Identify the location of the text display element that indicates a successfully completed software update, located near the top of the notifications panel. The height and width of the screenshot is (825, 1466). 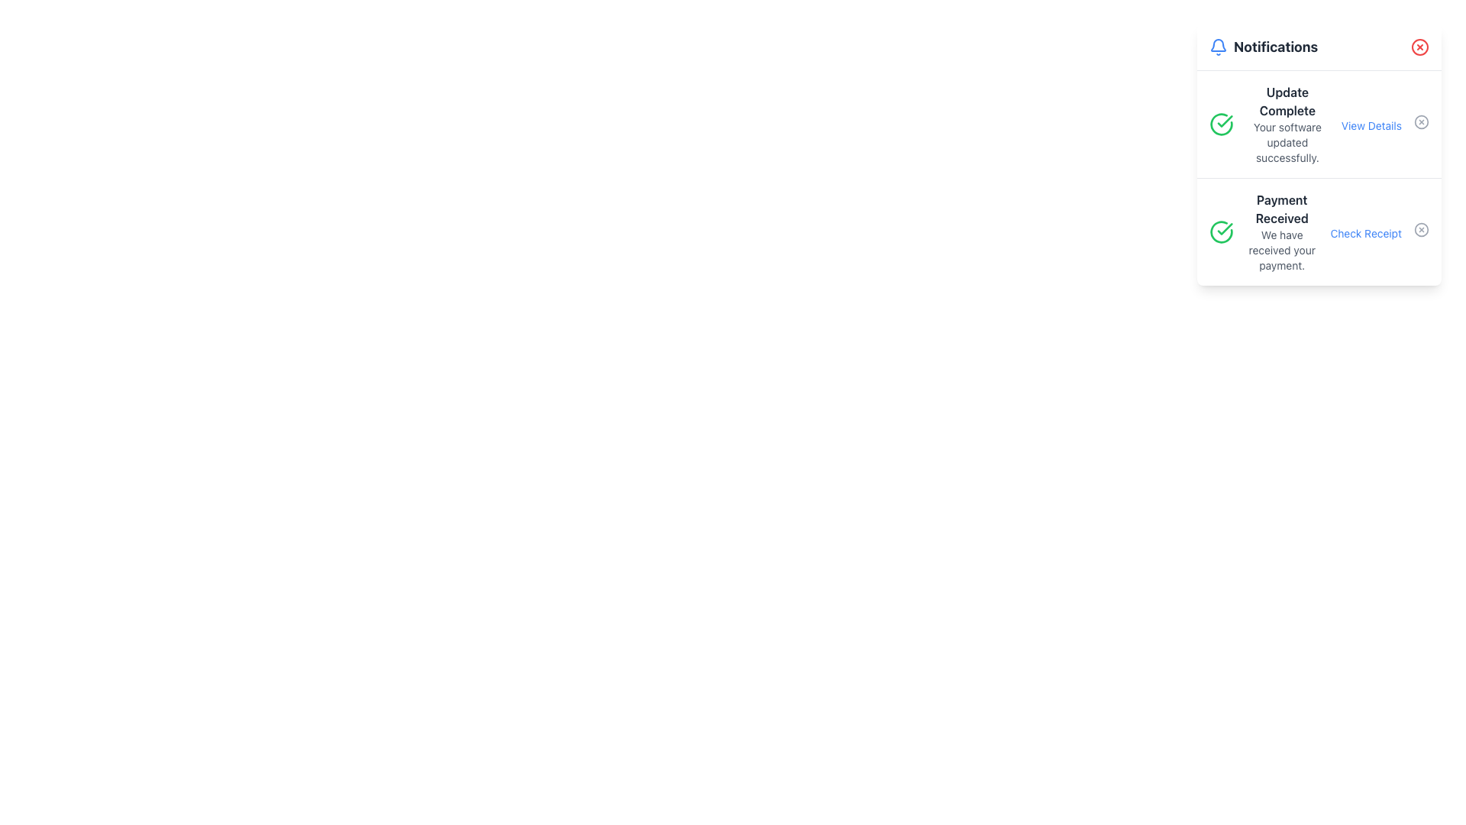
(1287, 123).